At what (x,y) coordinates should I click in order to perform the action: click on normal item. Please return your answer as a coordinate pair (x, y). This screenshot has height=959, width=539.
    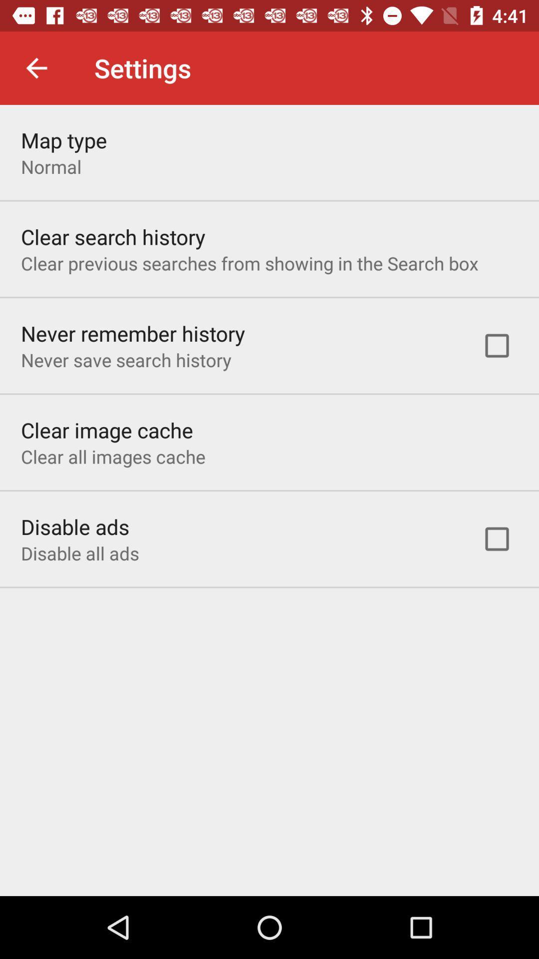
    Looking at the image, I should click on (51, 166).